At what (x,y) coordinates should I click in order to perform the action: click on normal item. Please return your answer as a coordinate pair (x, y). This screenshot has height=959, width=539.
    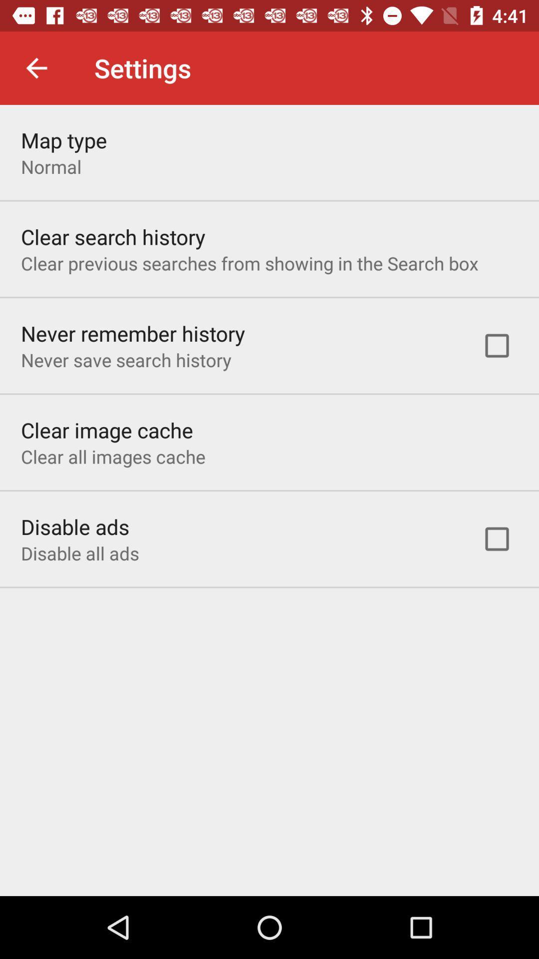
    Looking at the image, I should click on (51, 166).